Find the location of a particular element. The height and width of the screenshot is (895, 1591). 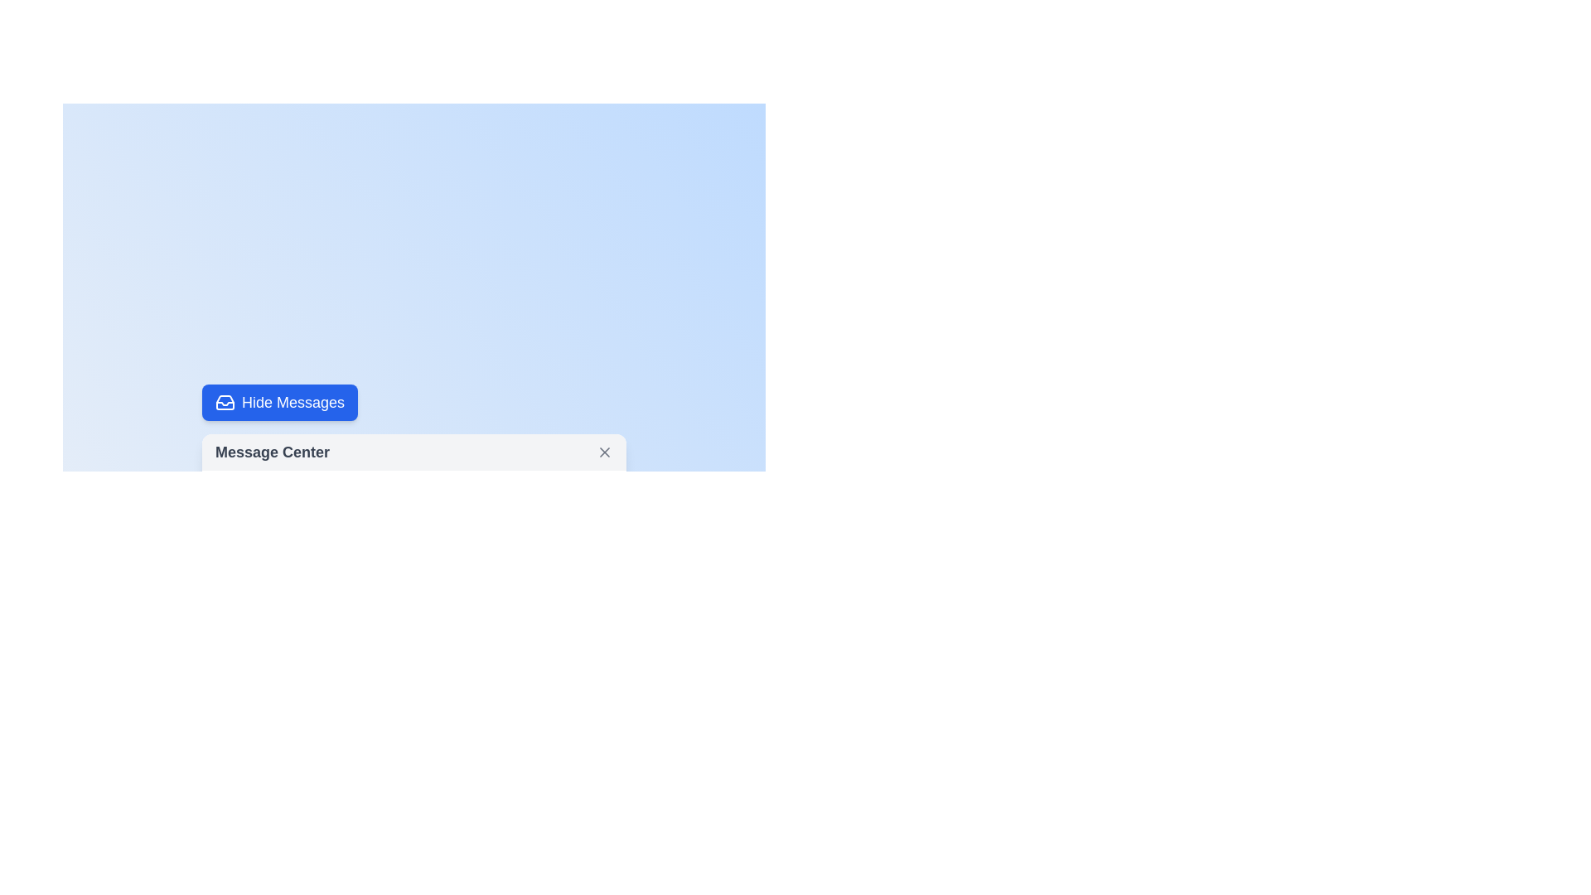

the decorative icon inside the 'Hide Messages' button, which is located to the left of the button text is located at coordinates (225, 403).